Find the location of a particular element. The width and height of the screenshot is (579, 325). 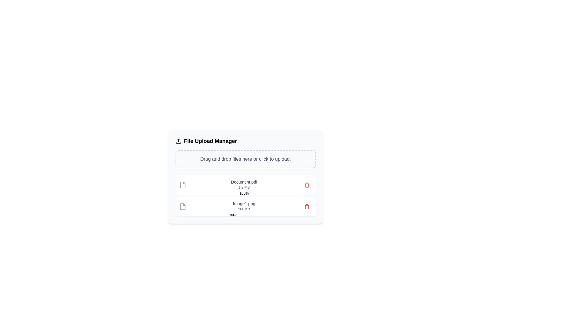

the text label displaying the file size information for the uploaded file, which is located below the filename 'Image1.png' in the file upload manager interface is located at coordinates (244, 209).